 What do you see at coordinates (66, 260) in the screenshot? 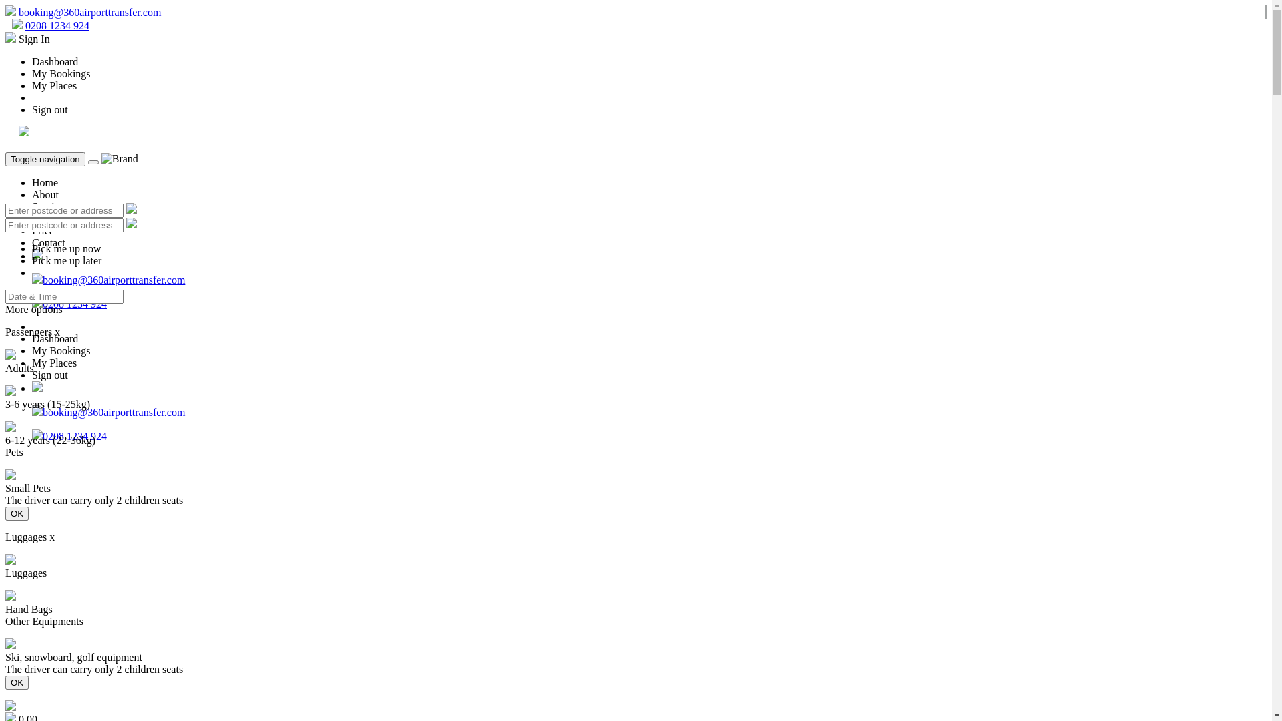
I see `'Pick me up later'` at bounding box center [66, 260].